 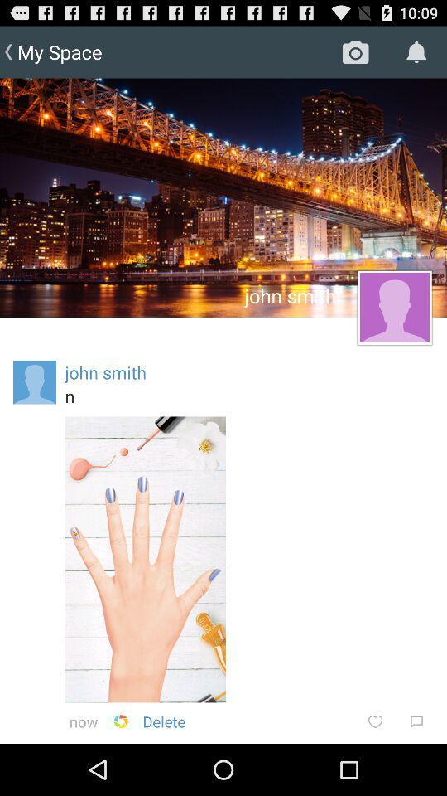 I want to click on the icon to the right of my space icon, so click(x=354, y=51).